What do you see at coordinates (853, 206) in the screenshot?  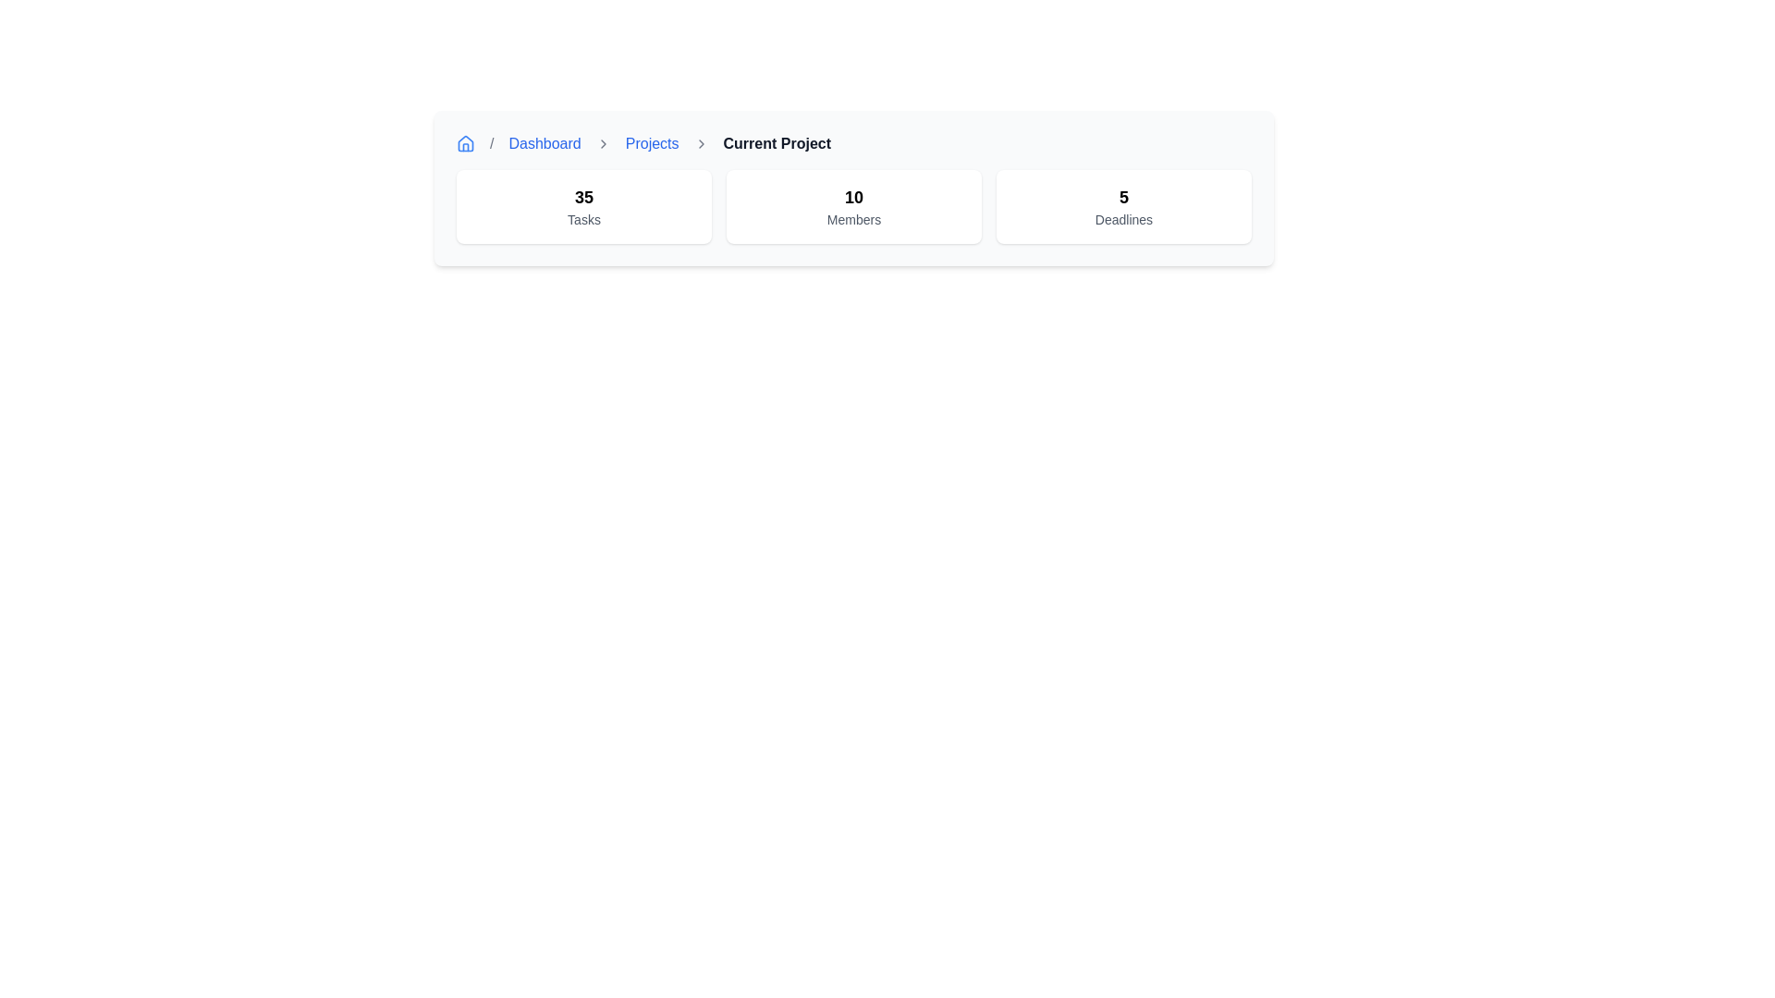 I see `displayed information from the informational card showing '10 Members' with a white background and rounded corners, located in the center column of the grid layout` at bounding box center [853, 206].